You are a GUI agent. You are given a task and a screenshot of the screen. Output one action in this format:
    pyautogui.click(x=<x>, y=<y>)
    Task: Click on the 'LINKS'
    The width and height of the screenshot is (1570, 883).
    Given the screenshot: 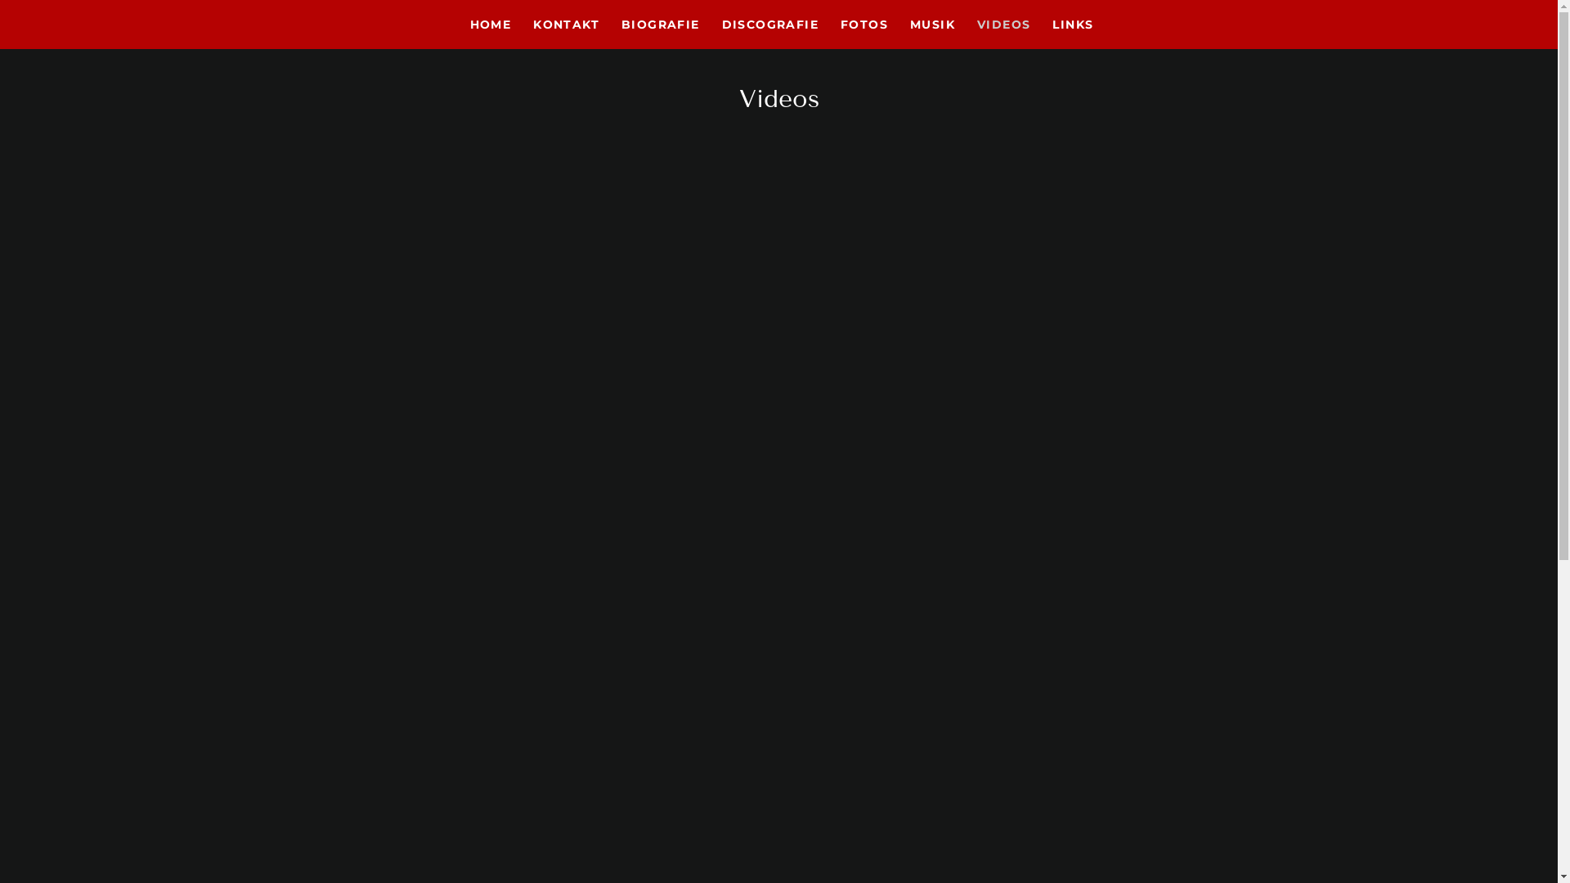 What is the action you would take?
    pyautogui.click(x=1039, y=25)
    